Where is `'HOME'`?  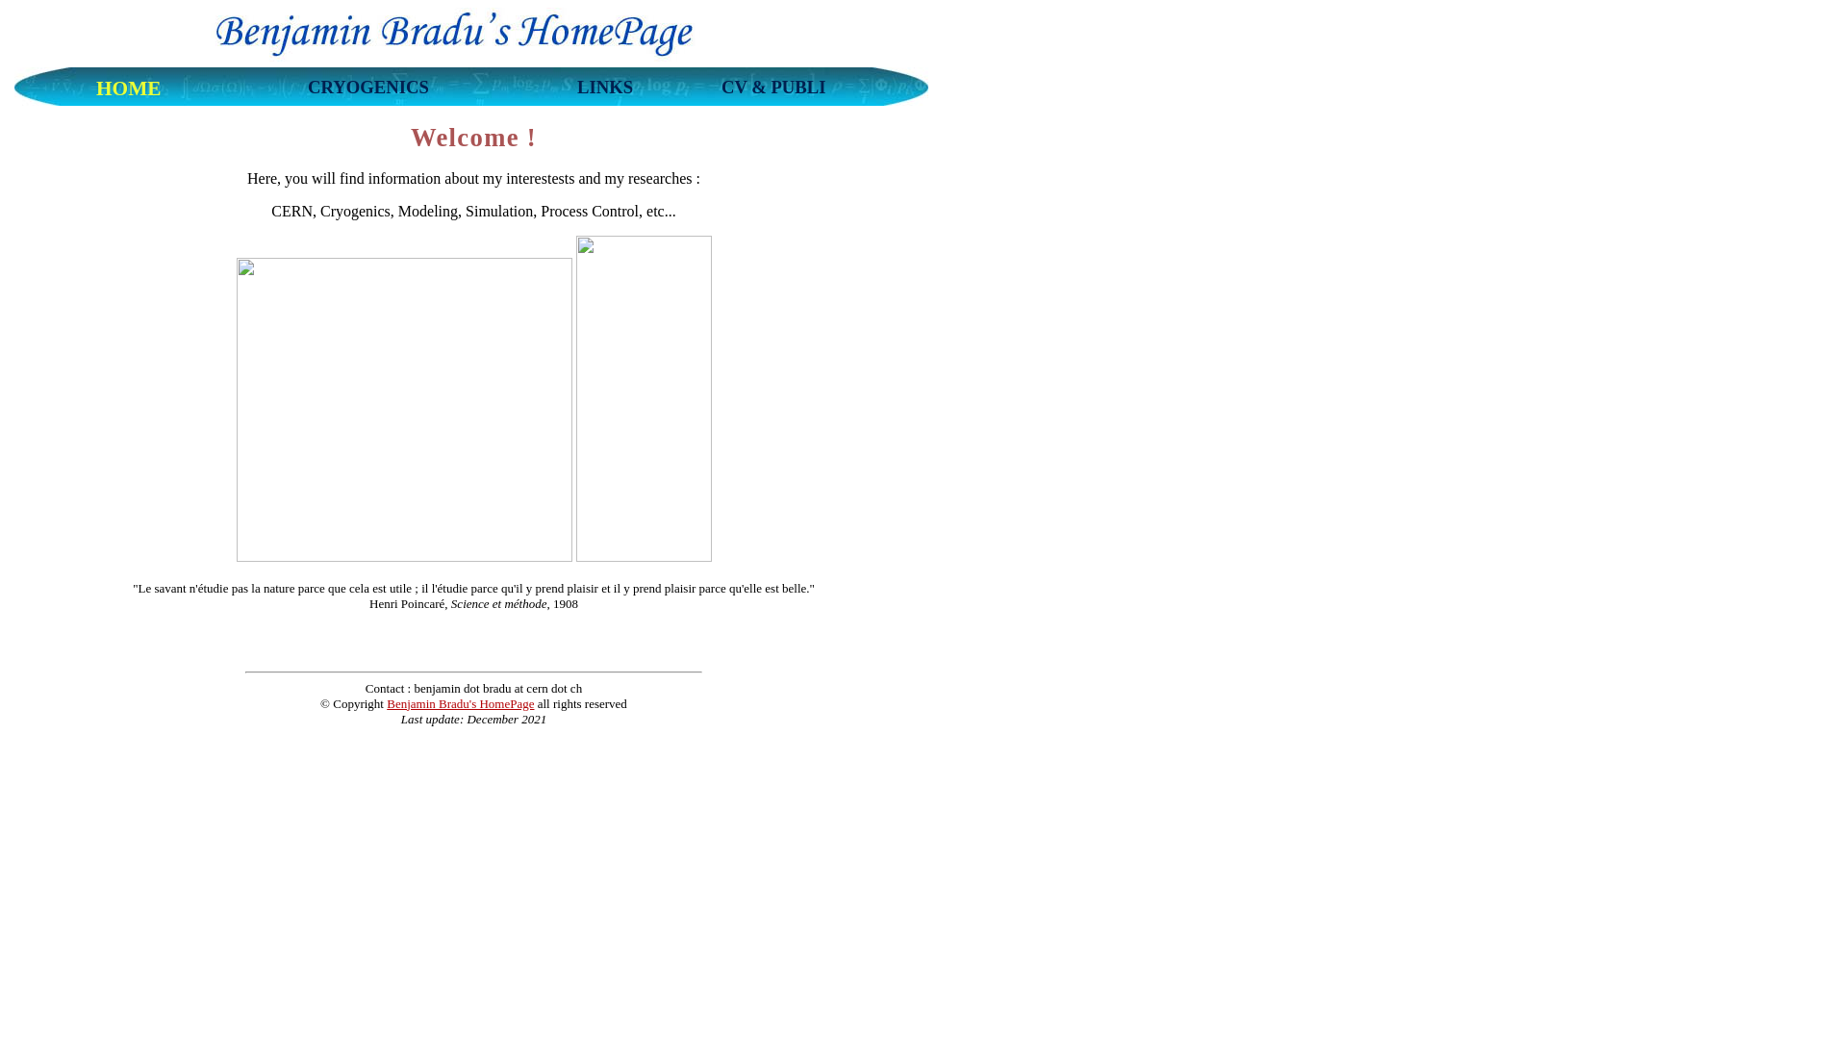
'HOME' is located at coordinates (128, 91).